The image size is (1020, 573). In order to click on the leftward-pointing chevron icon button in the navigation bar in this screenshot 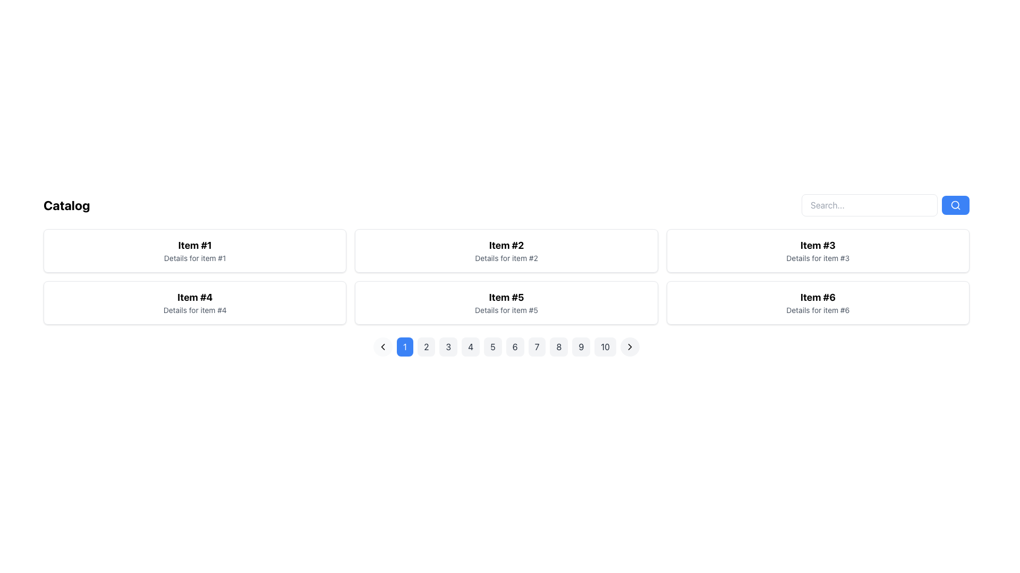, I will do `click(382, 347)`.